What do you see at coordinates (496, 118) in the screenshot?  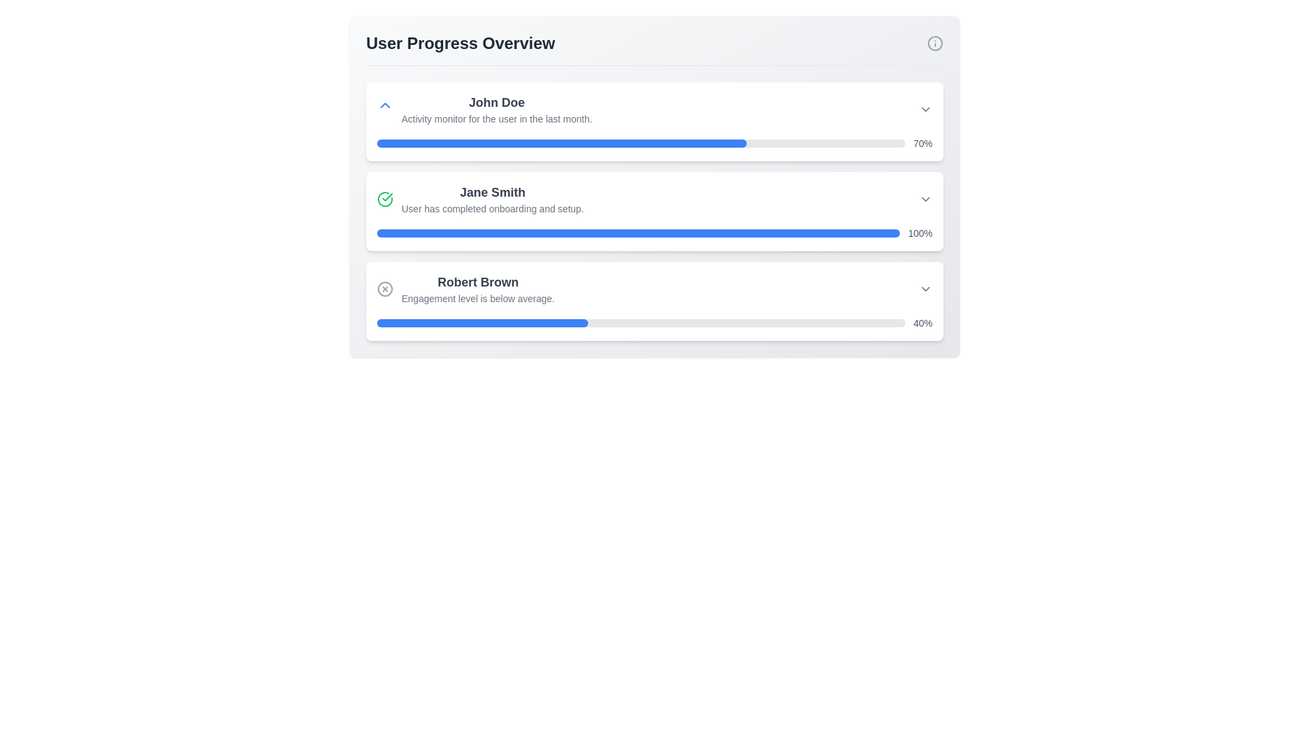 I see `the text label providing contextual information about the activity monitoring related to user 'John Doe', located below the bold text 'John Doe' in the user progress overview interface` at bounding box center [496, 118].